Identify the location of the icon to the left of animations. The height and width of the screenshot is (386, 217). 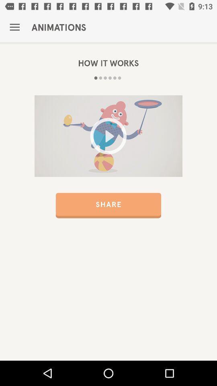
(14, 27).